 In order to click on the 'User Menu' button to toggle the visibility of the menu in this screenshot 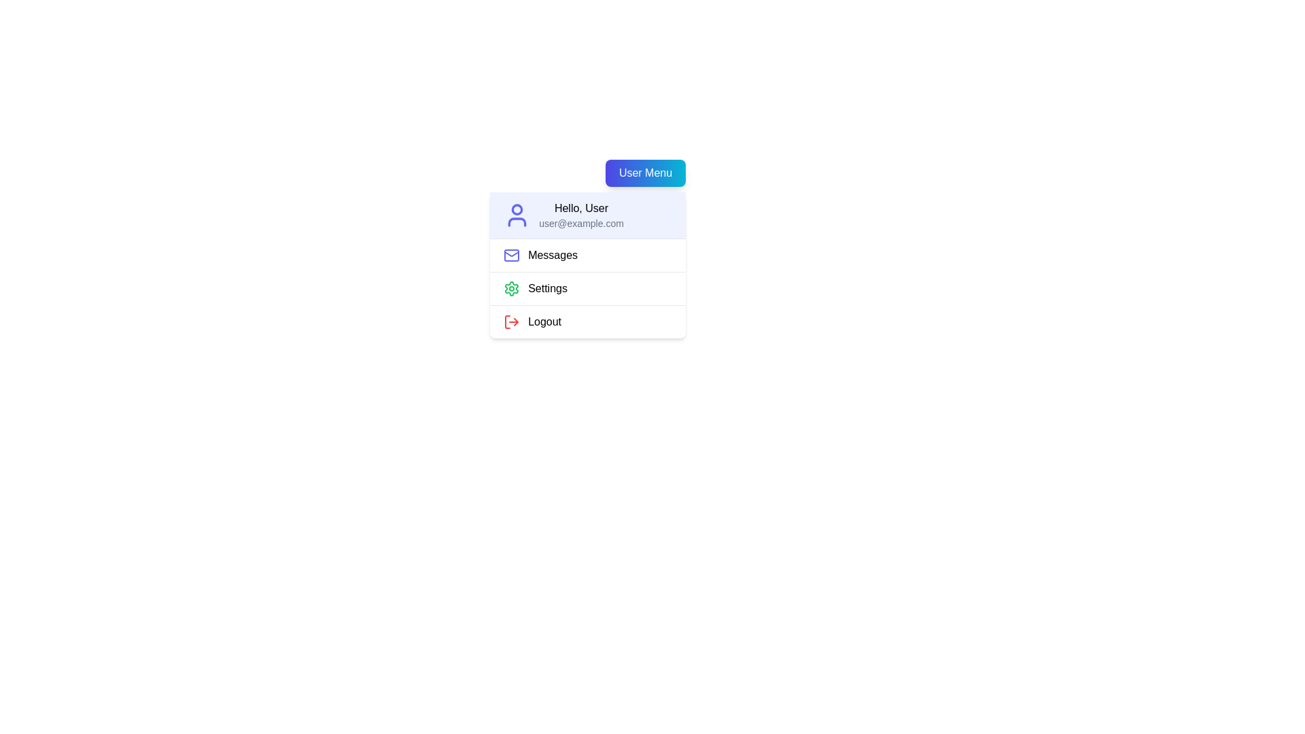, I will do `click(645, 172)`.